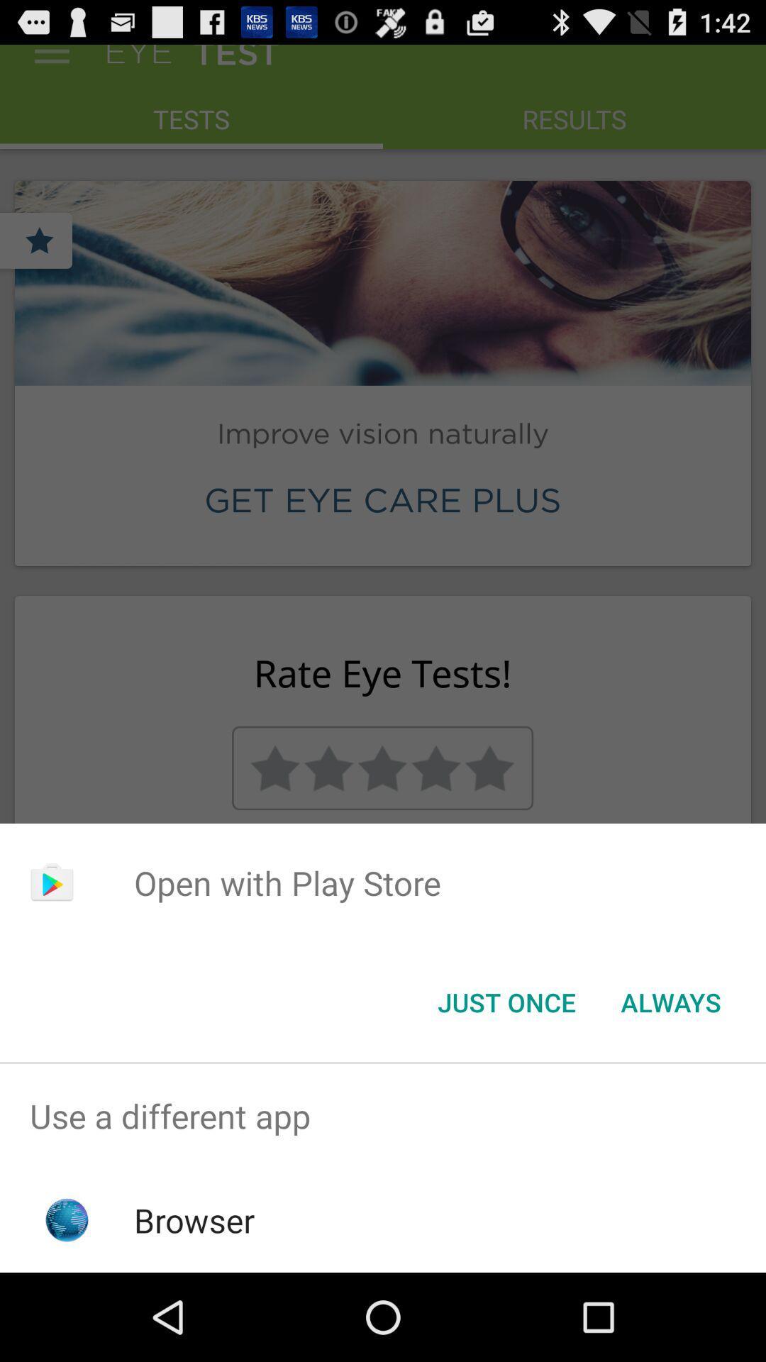  I want to click on item at the bottom right corner, so click(670, 1001).